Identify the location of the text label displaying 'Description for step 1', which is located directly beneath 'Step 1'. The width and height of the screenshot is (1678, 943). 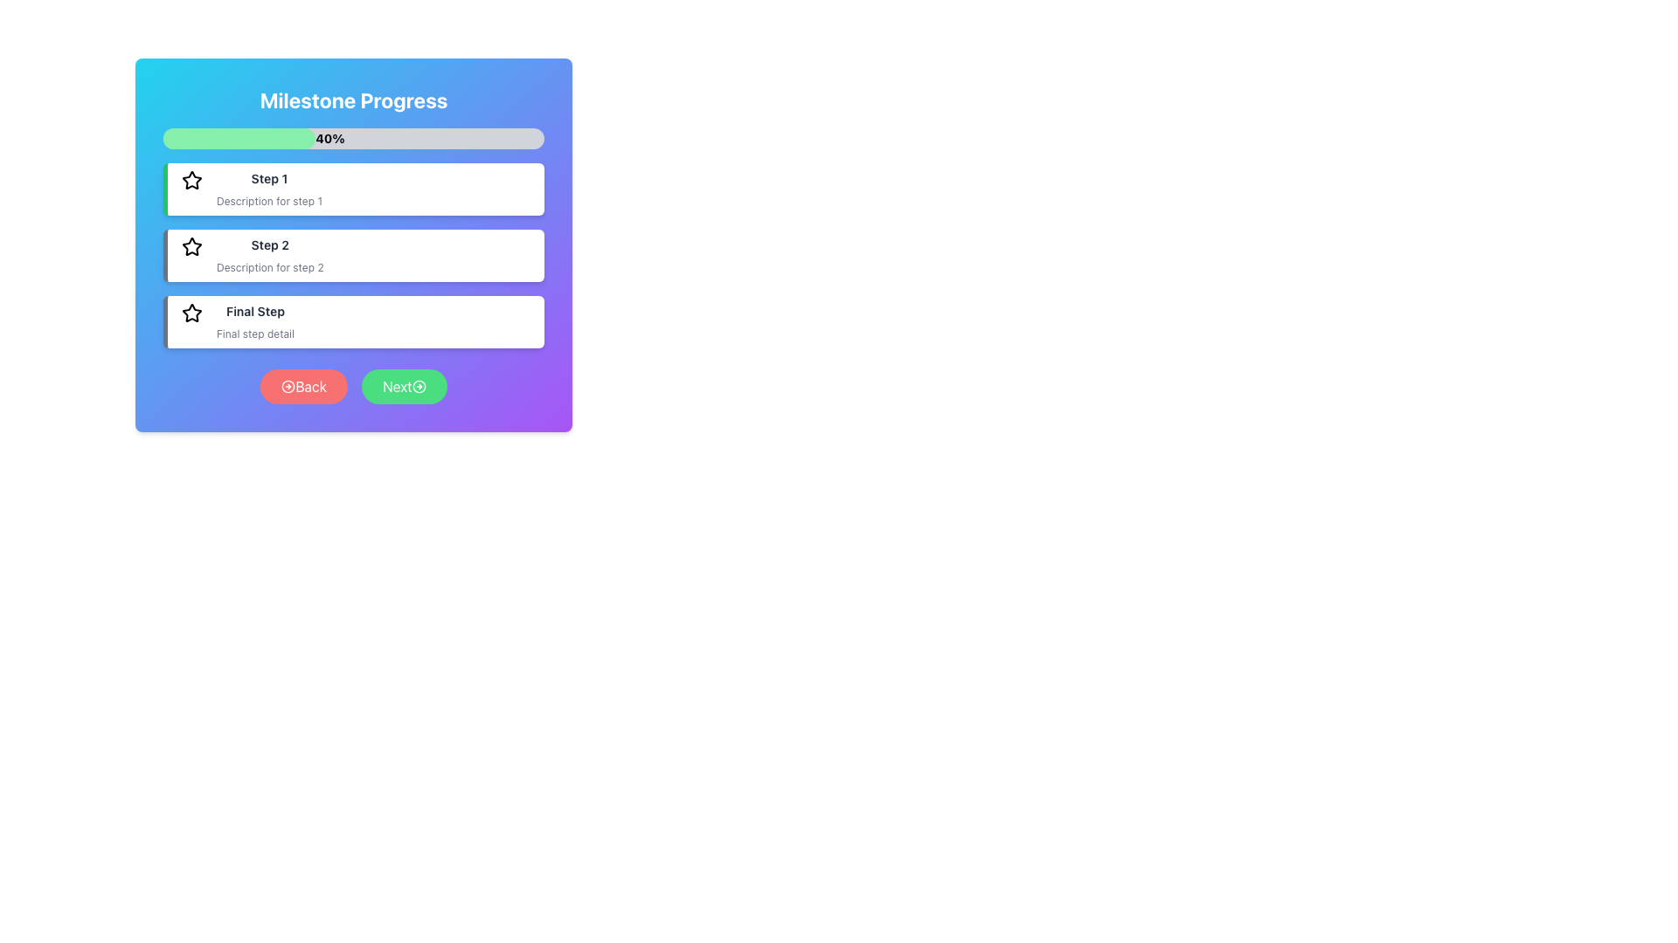
(268, 201).